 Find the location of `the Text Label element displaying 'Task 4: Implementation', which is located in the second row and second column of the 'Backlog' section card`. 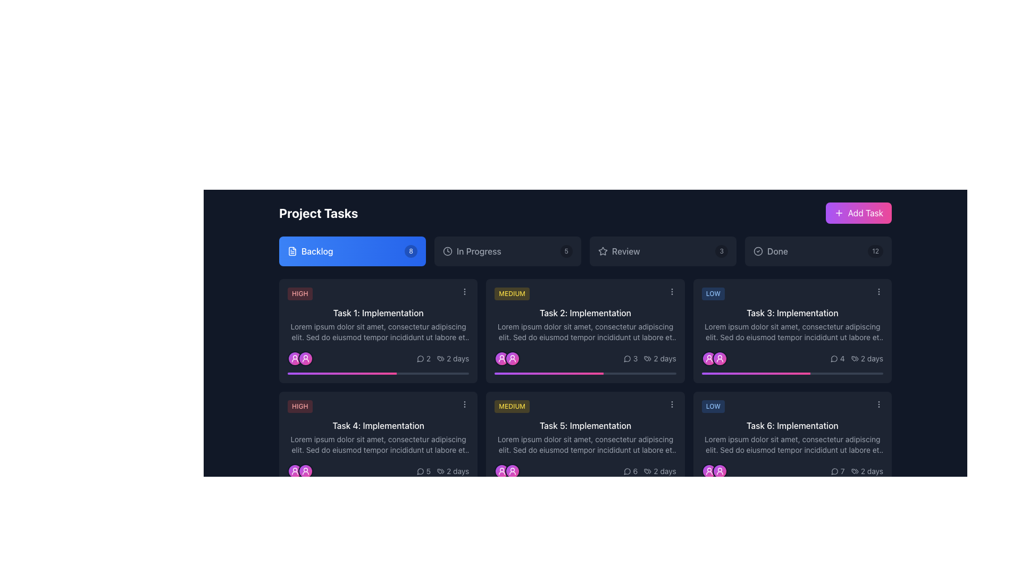

the Text Label element displaying 'Task 4: Implementation', which is located in the second row and second column of the 'Backlog' section card is located at coordinates (378, 425).